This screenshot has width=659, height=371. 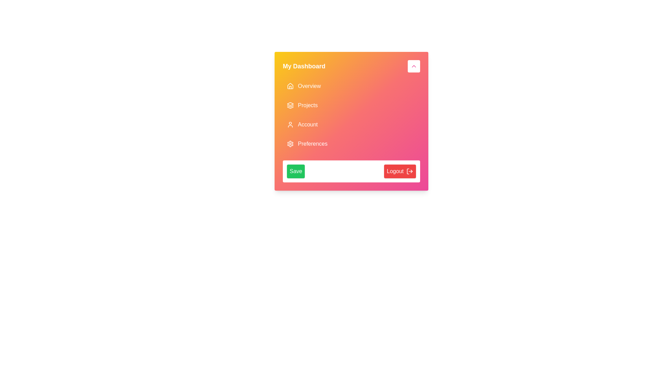 What do you see at coordinates (351, 86) in the screenshot?
I see `the navigation button located at the top of the vertical menu list on the left side of the interface` at bounding box center [351, 86].